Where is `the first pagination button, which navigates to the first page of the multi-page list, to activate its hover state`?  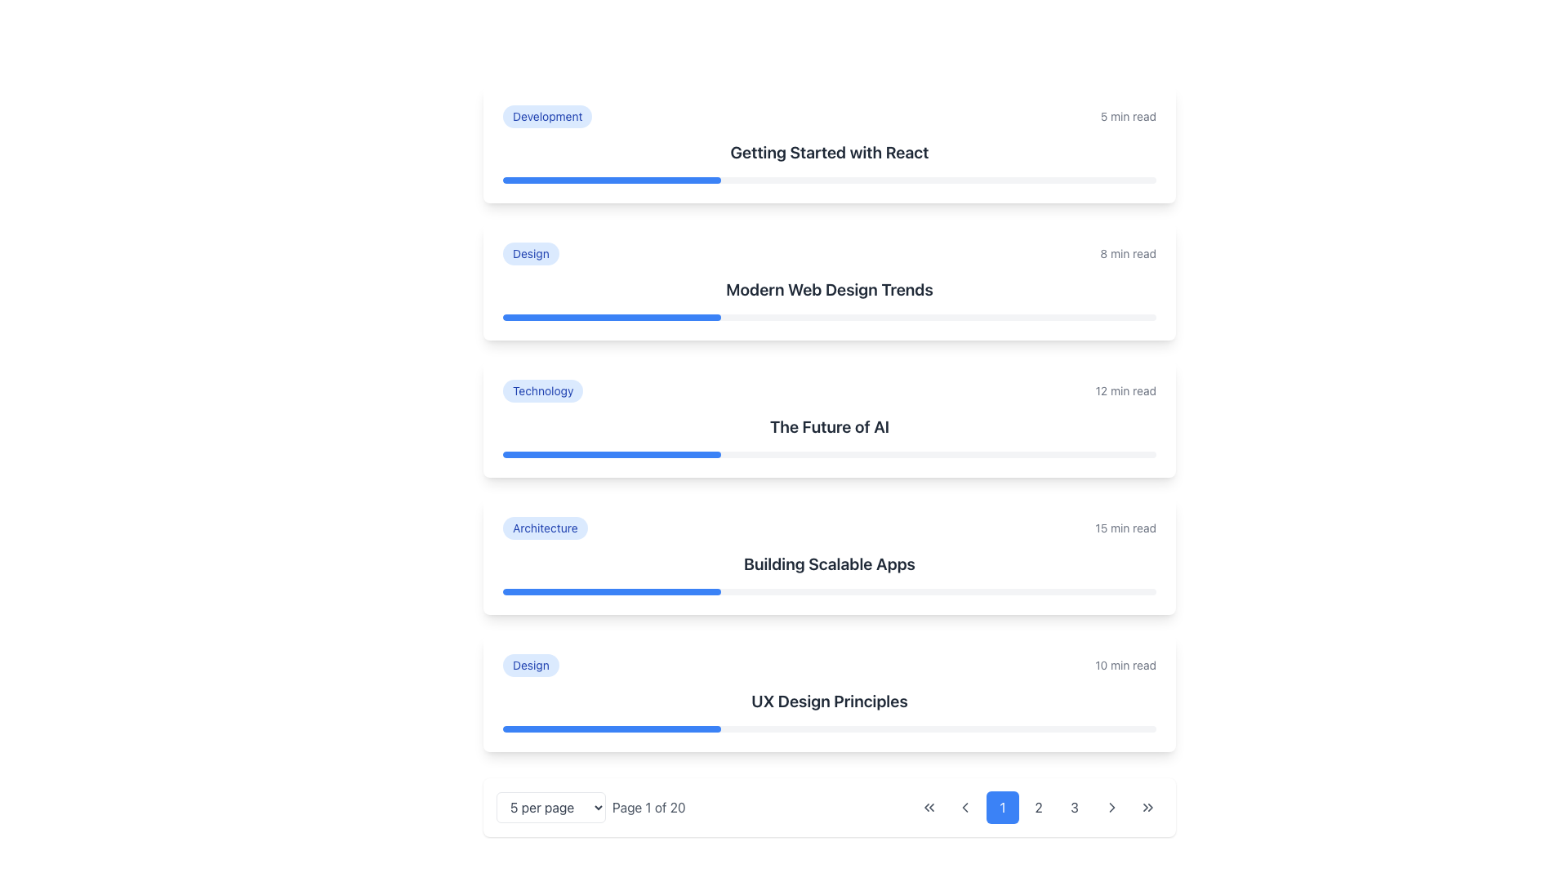 the first pagination button, which navigates to the first page of the multi-page list, to activate its hover state is located at coordinates (929, 806).